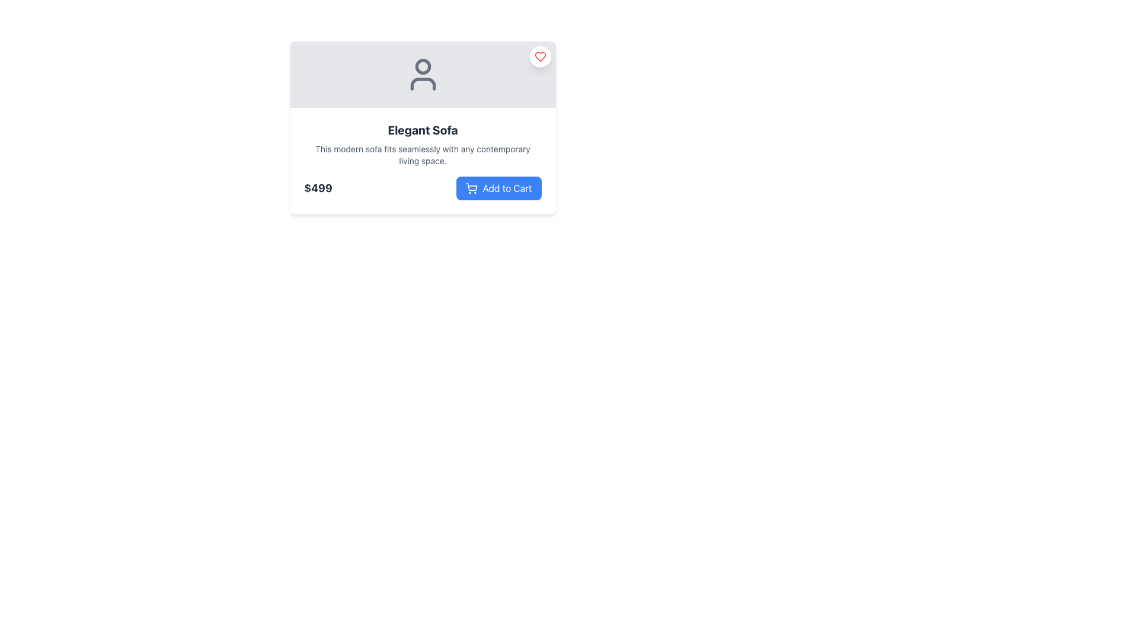 The image size is (1138, 640). Describe the element at coordinates (423, 130) in the screenshot. I see `text label displaying 'Elegant Sofa', which is styled with a bold font and dark gray color, prominently positioned at the top of the item description section` at that location.